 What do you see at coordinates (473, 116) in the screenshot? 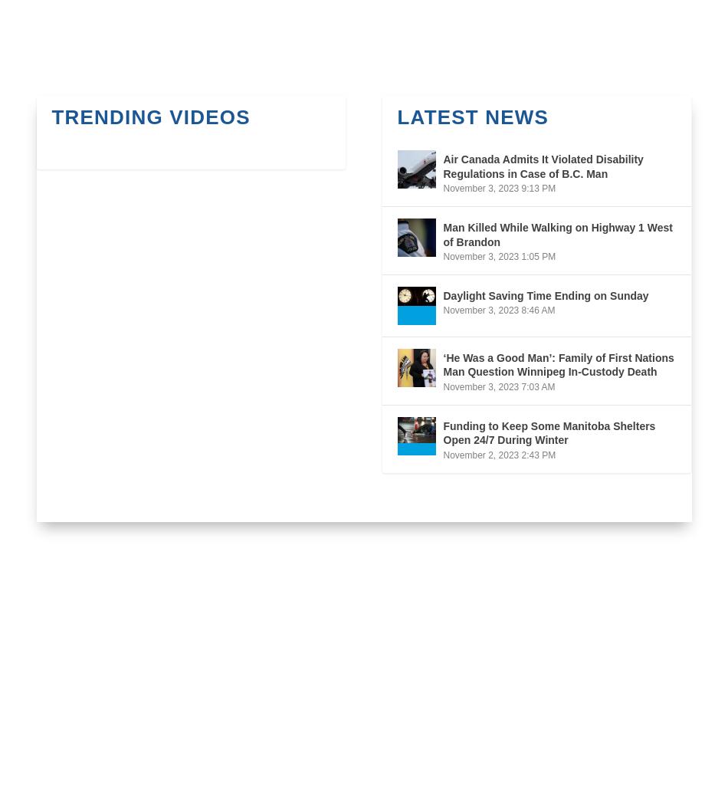
I see `'LATEST NEWS'` at bounding box center [473, 116].